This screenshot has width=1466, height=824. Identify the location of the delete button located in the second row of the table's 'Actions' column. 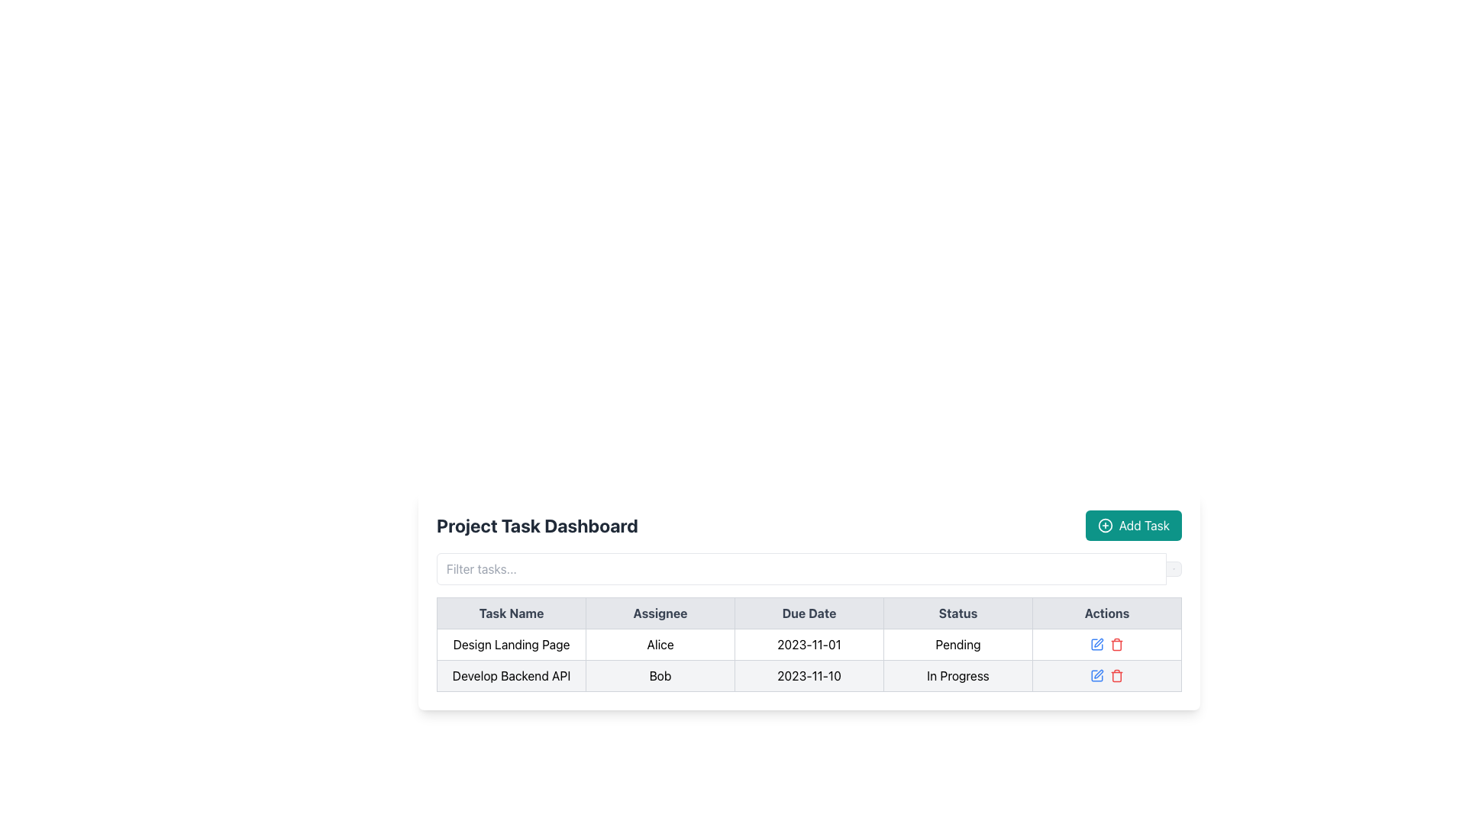
(1117, 675).